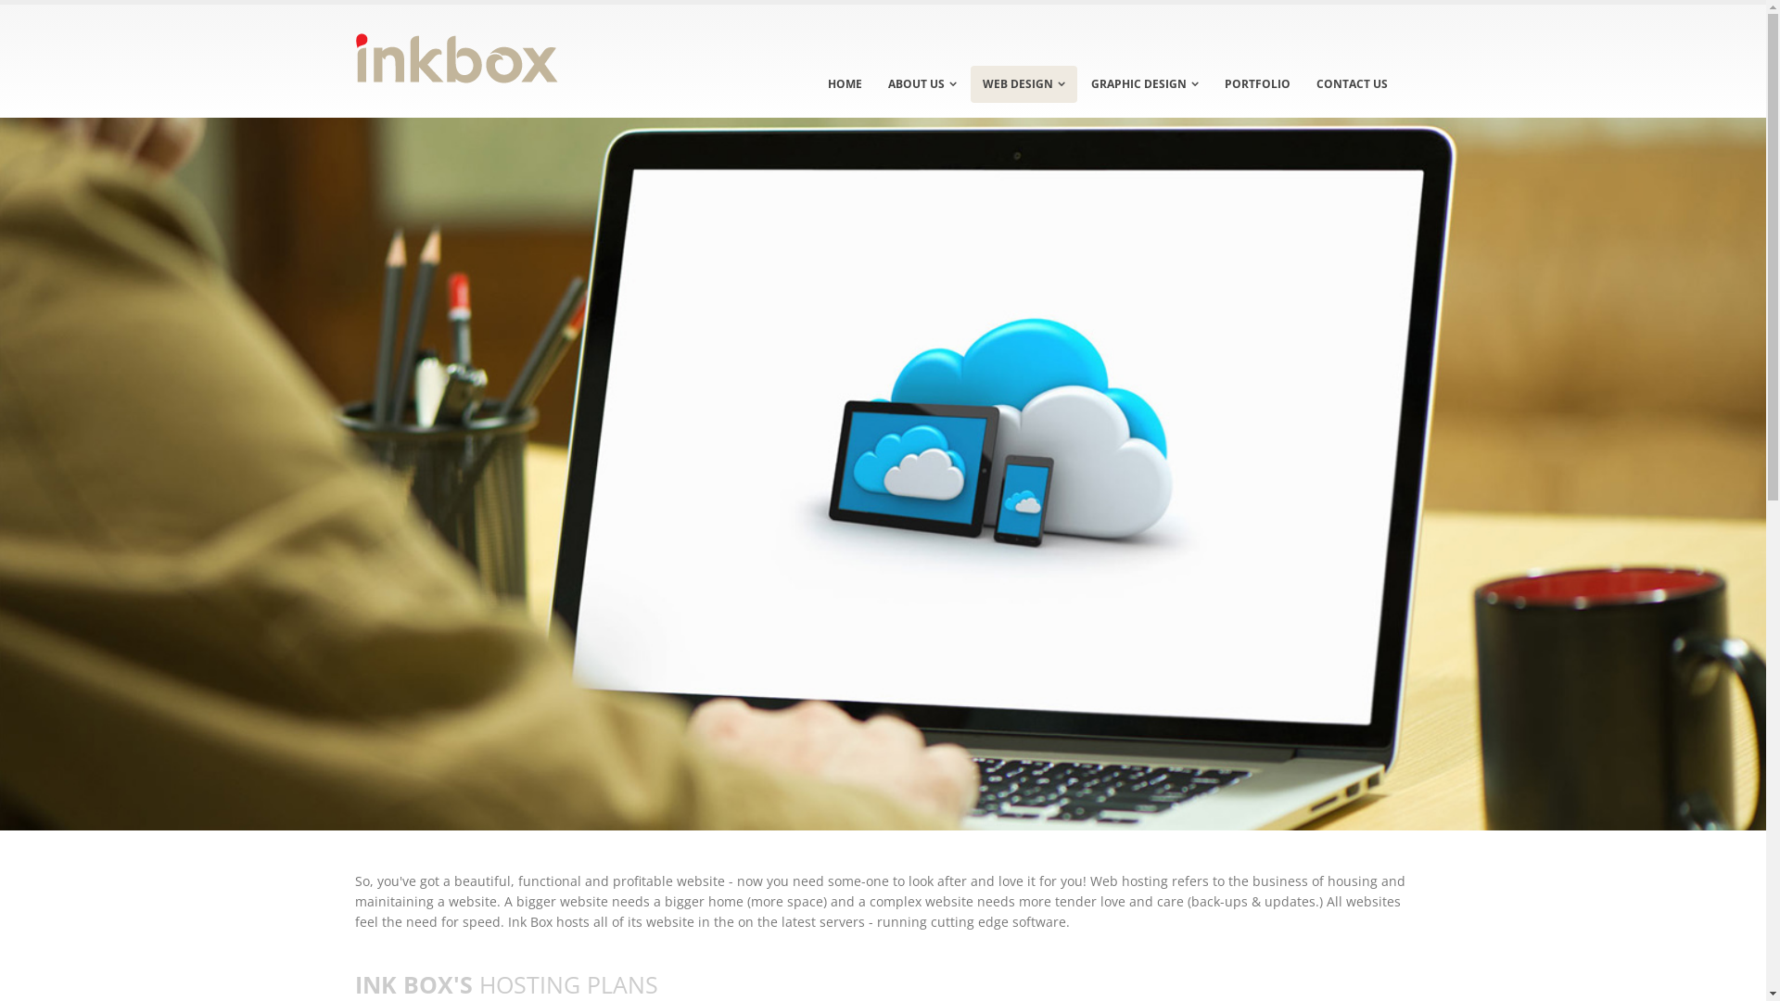  I want to click on 'PORTFOLIO', so click(1213, 84).